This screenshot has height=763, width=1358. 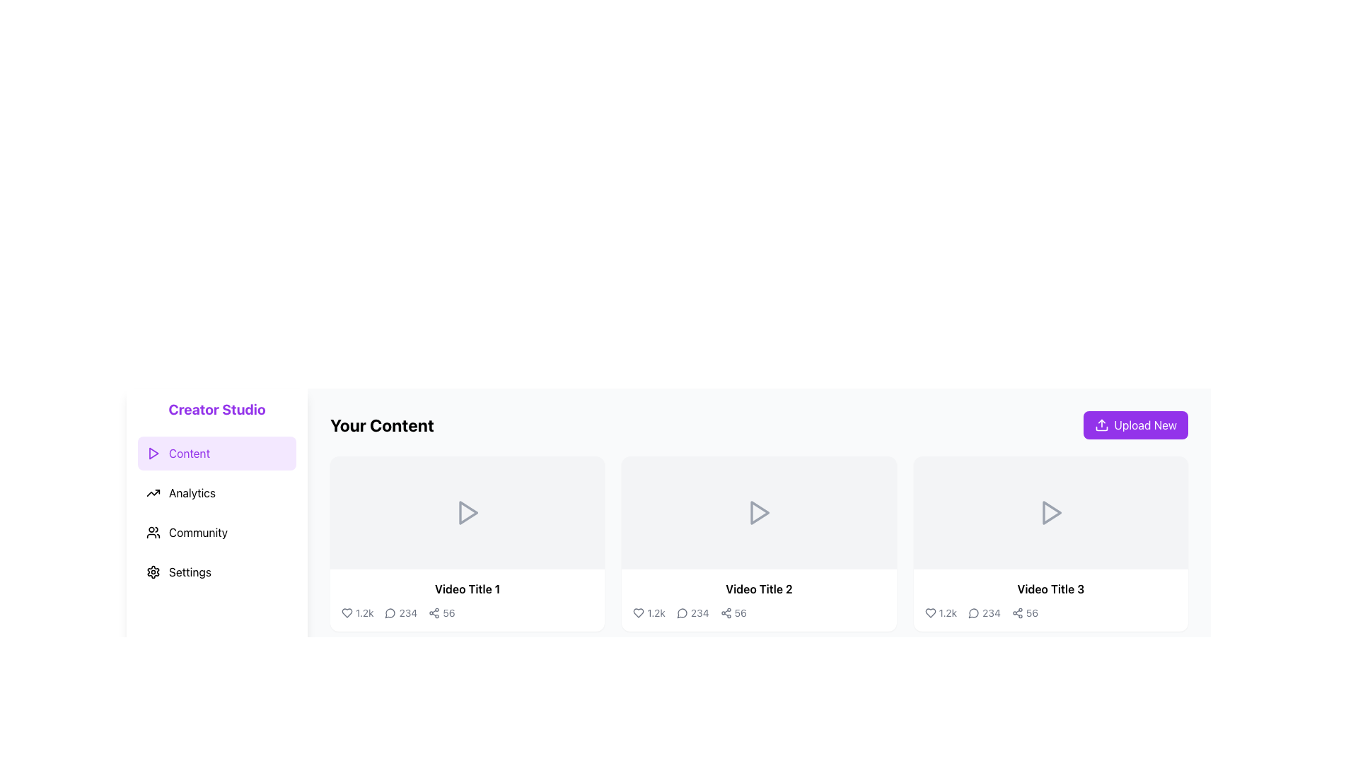 I want to click on the triangular play icon located in the left panel's 'Content' menu option, which has a unique purple background, so click(x=153, y=453).